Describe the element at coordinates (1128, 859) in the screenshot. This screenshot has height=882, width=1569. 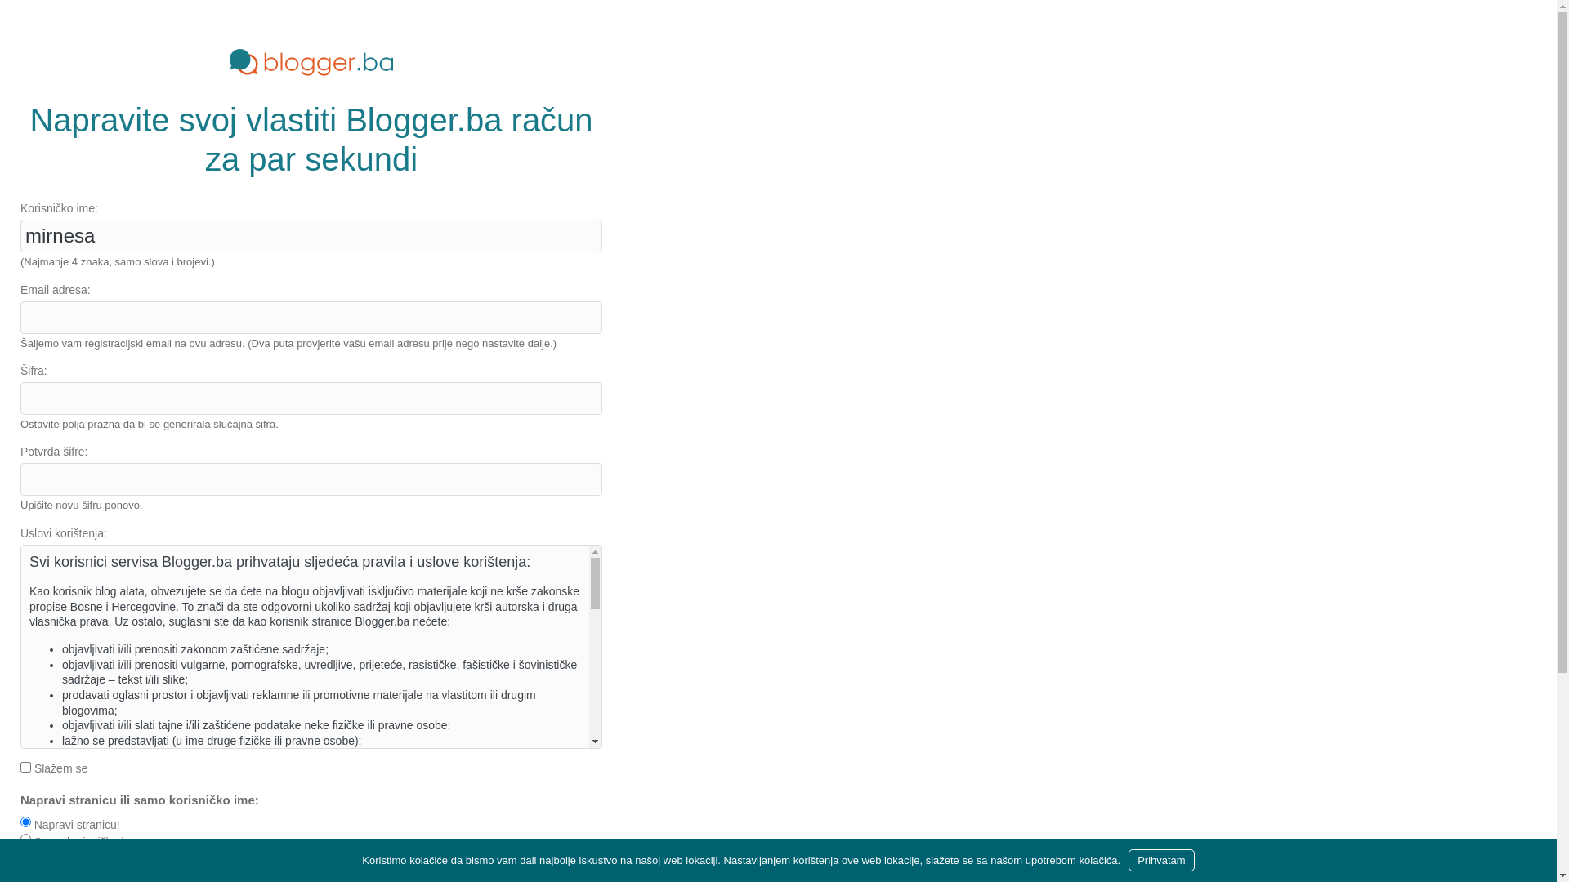
I see `'Prihvatam'` at that location.